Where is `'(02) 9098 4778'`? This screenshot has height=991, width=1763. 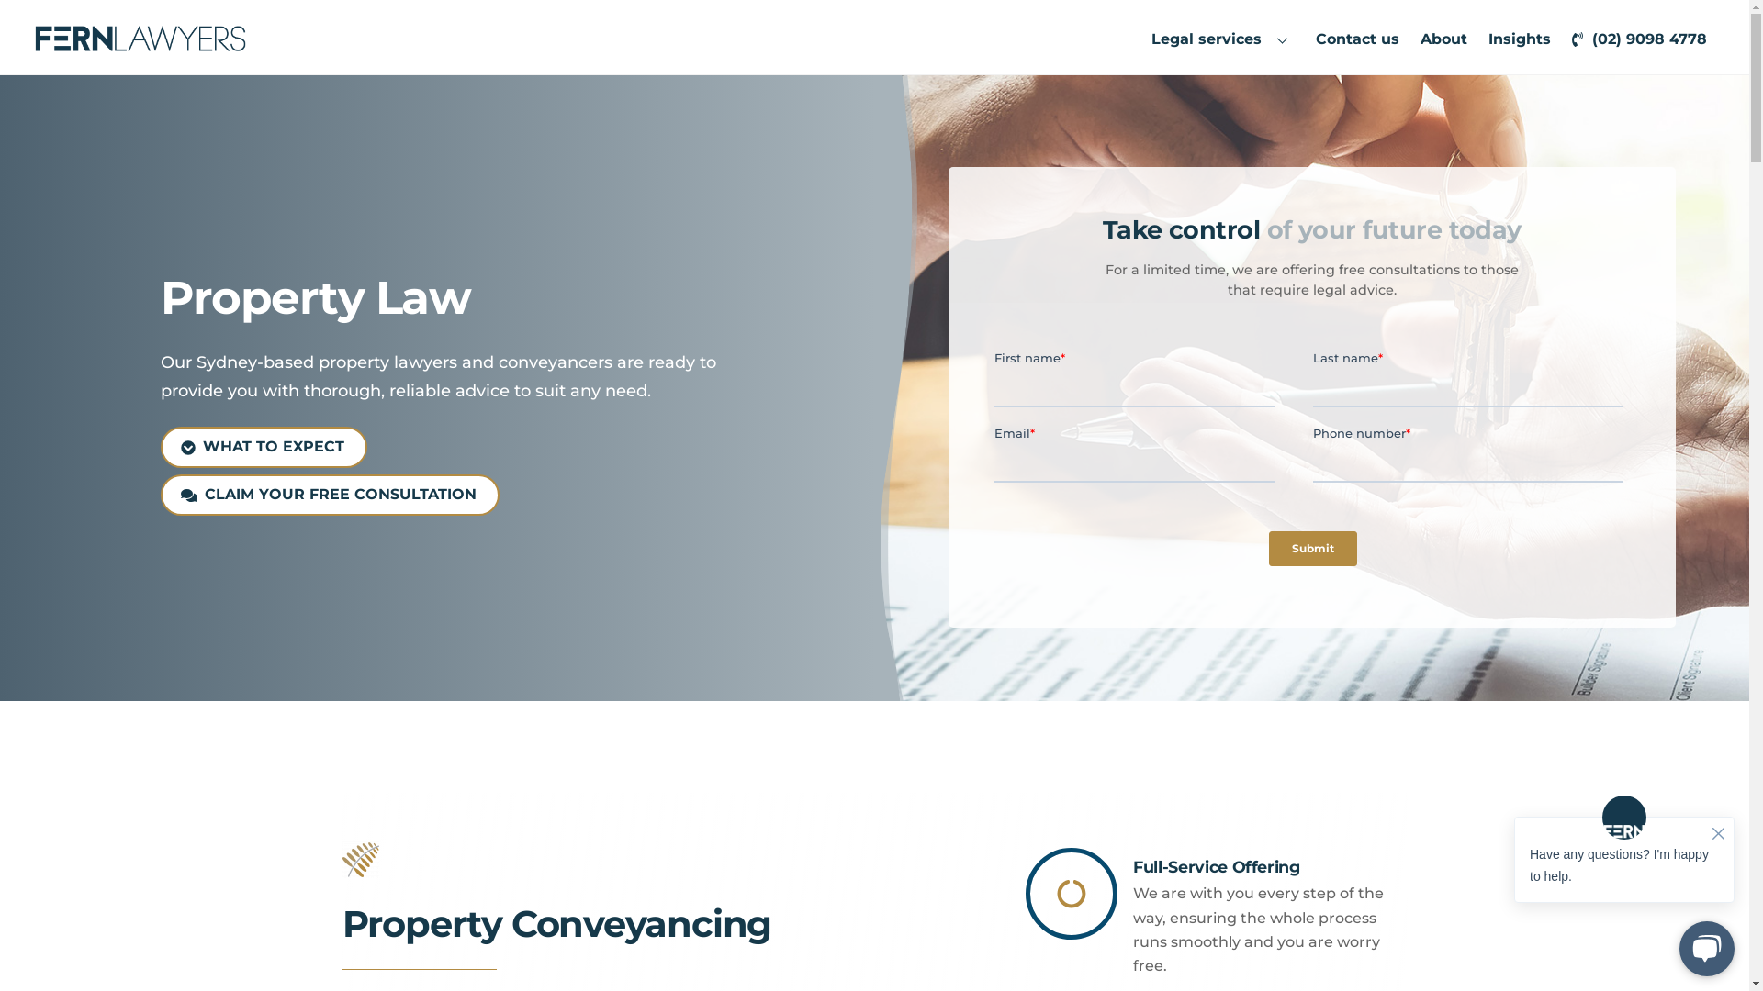 '(02) 9098 4778' is located at coordinates (1563, 39).